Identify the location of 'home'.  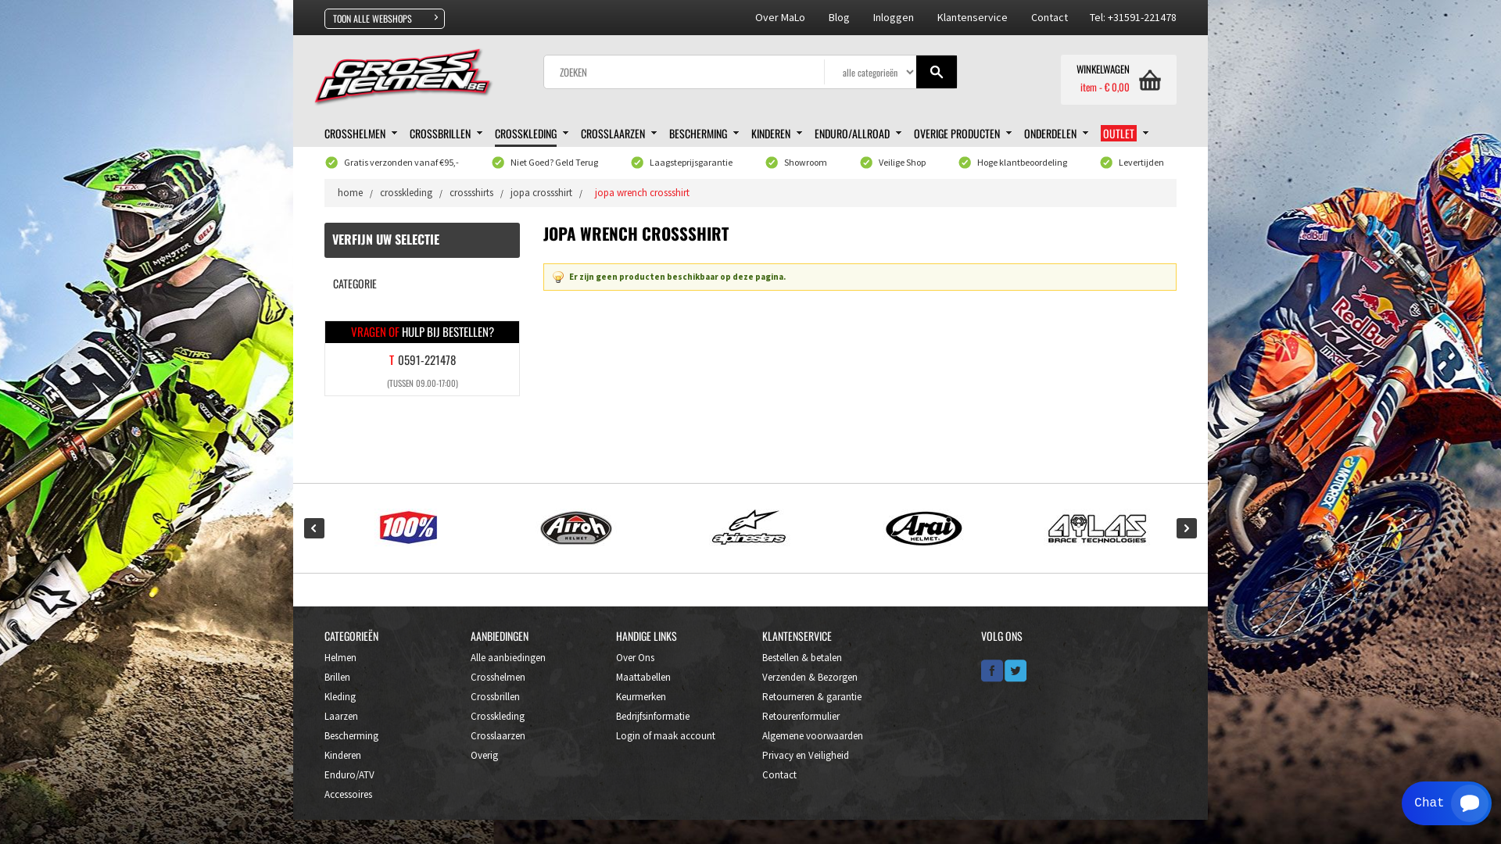
(331, 191).